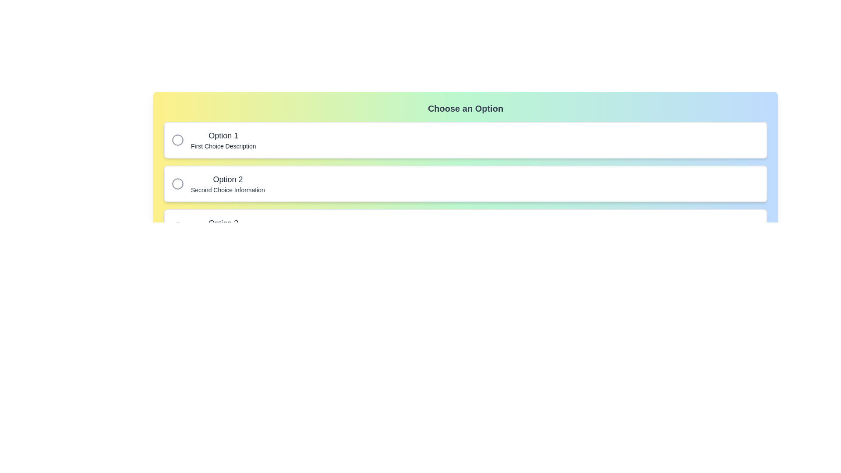  What do you see at coordinates (223, 135) in the screenshot?
I see `the text label reading 'Option 1', which is displayed in bold and located in the first group above 'First Choice Description'` at bounding box center [223, 135].